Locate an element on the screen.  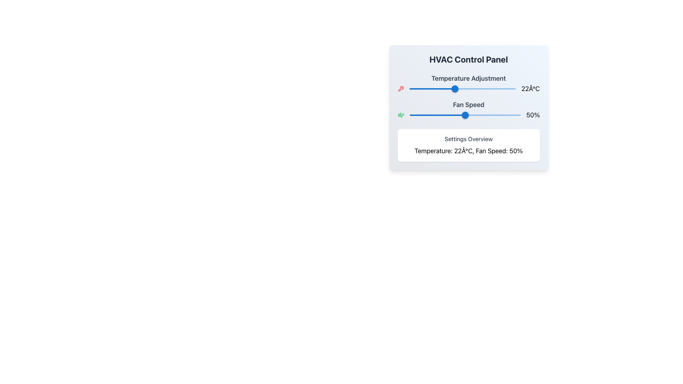
the temperature slider is located at coordinates (441, 89).